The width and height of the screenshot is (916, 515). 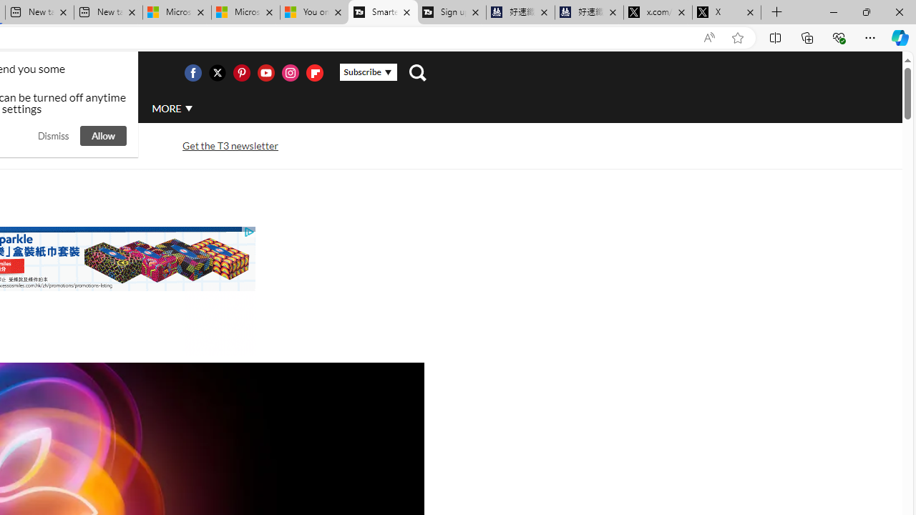 What do you see at coordinates (192, 72) in the screenshot?
I see `'Visit us on Facebook'` at bounding box center [192, 72].